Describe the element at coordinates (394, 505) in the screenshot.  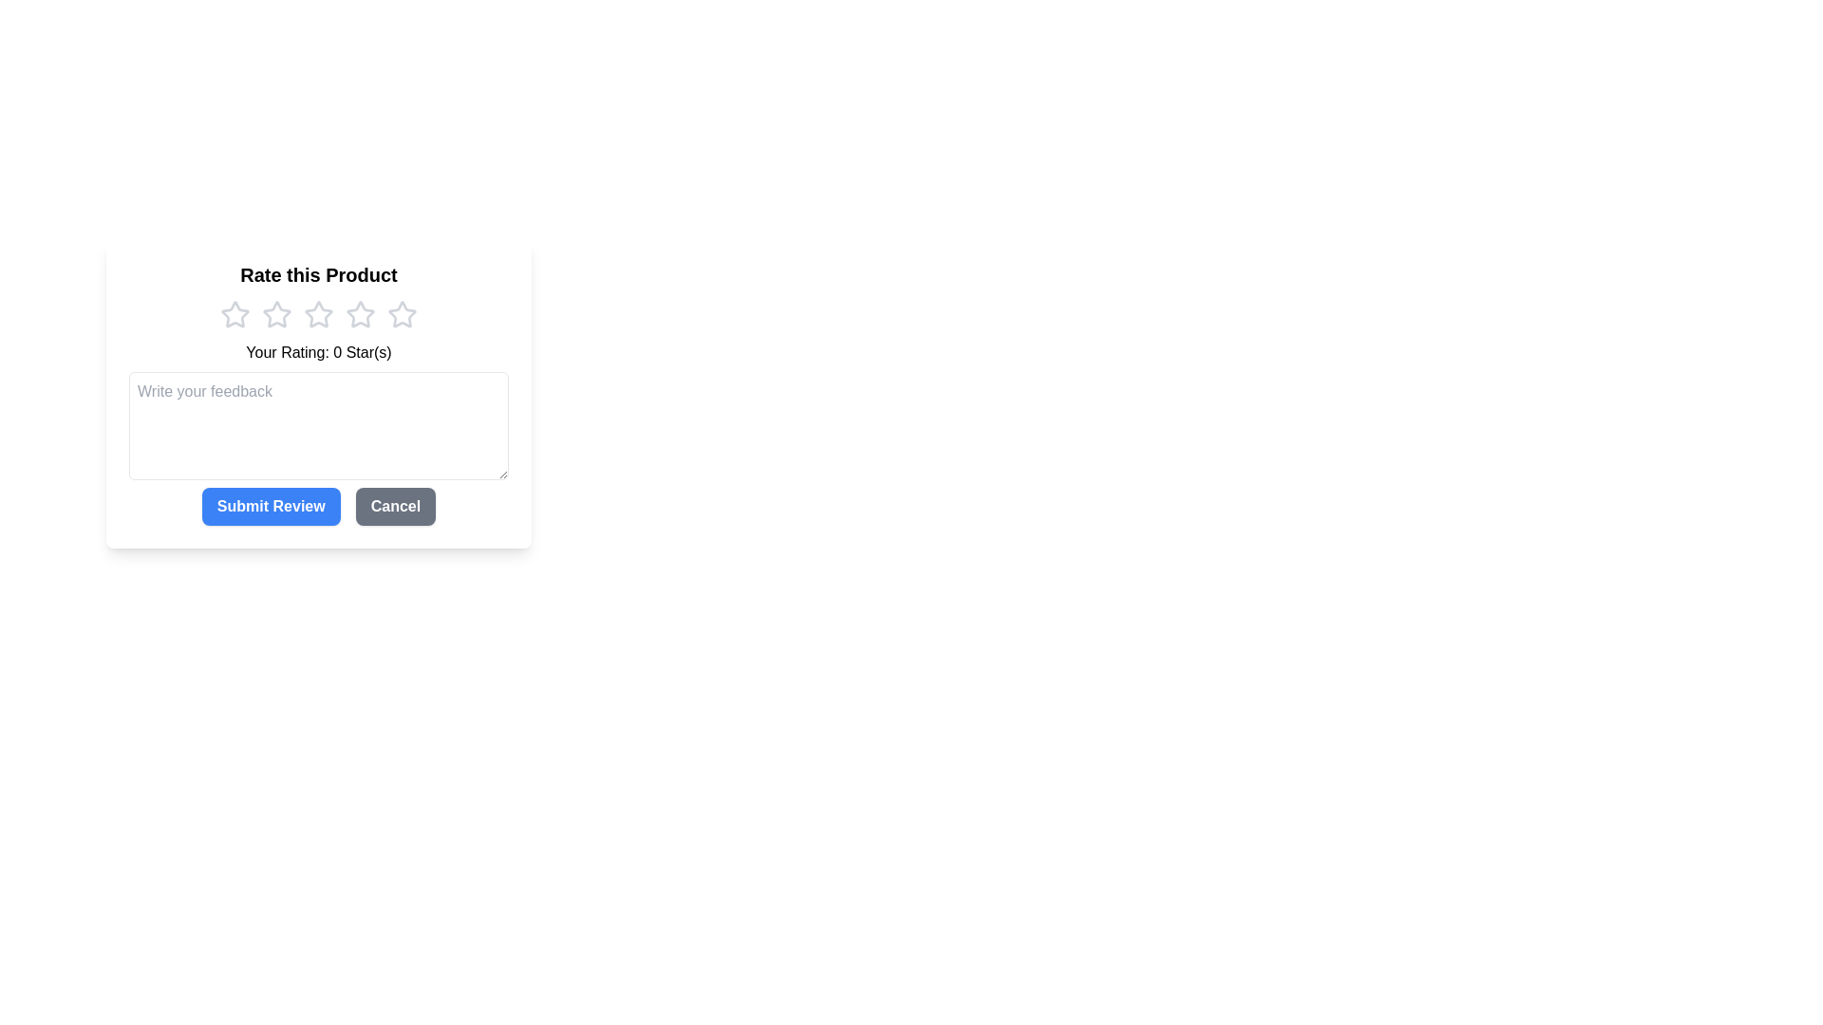
I see `the cancel button located to the right of the 'Submit Review' button in the bottom section of the form interface to observe its hover effect` at that location.